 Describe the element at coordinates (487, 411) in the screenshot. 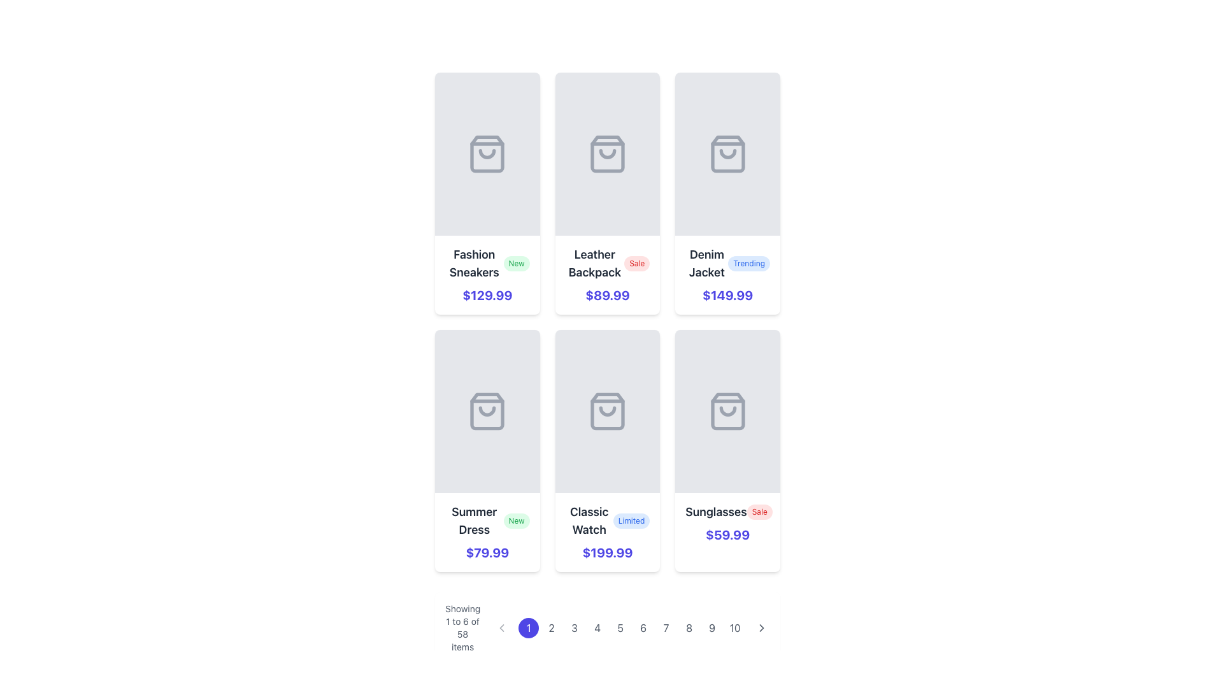

I see `the bottom part of the shopping bag icon, which is styled with a thin stroke and is centered within the card representing the 'Summer Dress' product` at that location.